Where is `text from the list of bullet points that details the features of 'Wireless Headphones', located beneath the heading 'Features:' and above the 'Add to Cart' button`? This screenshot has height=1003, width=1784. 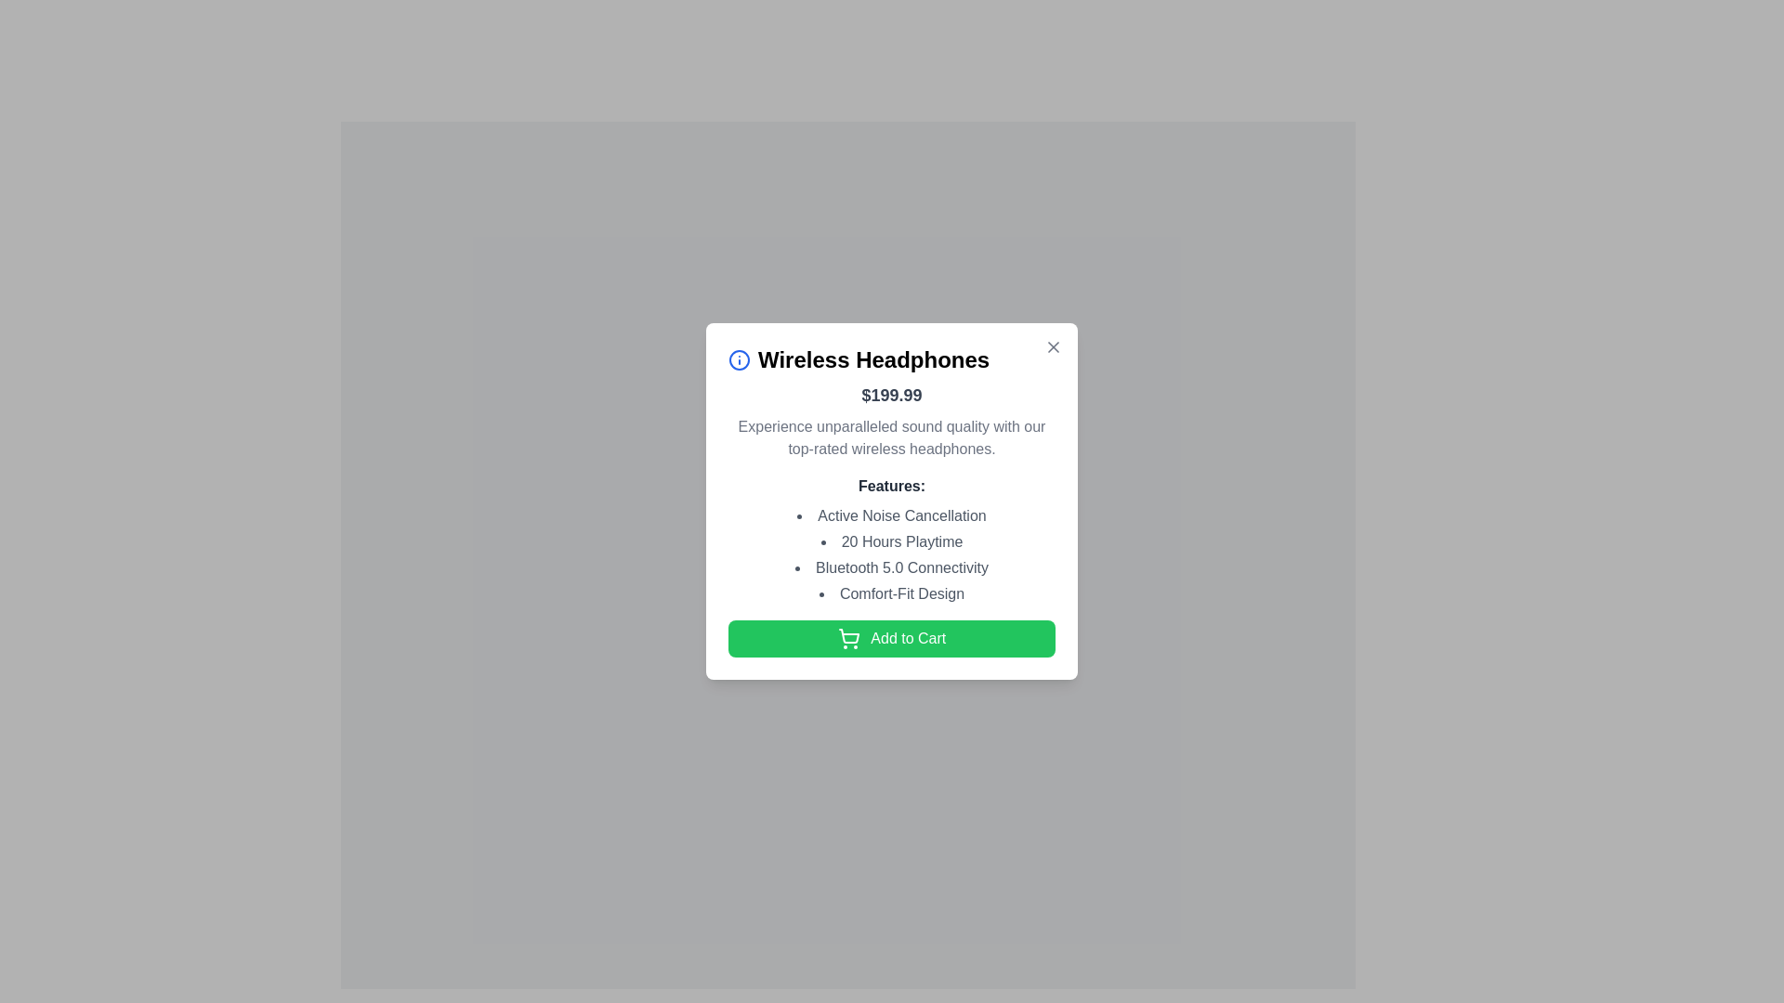
text from the list of bullet points that details the features of 'Wireless Headphones', located beneath the heading 'Features:' and above the 'Add to Cart' button is located at coordinates (892, 554).